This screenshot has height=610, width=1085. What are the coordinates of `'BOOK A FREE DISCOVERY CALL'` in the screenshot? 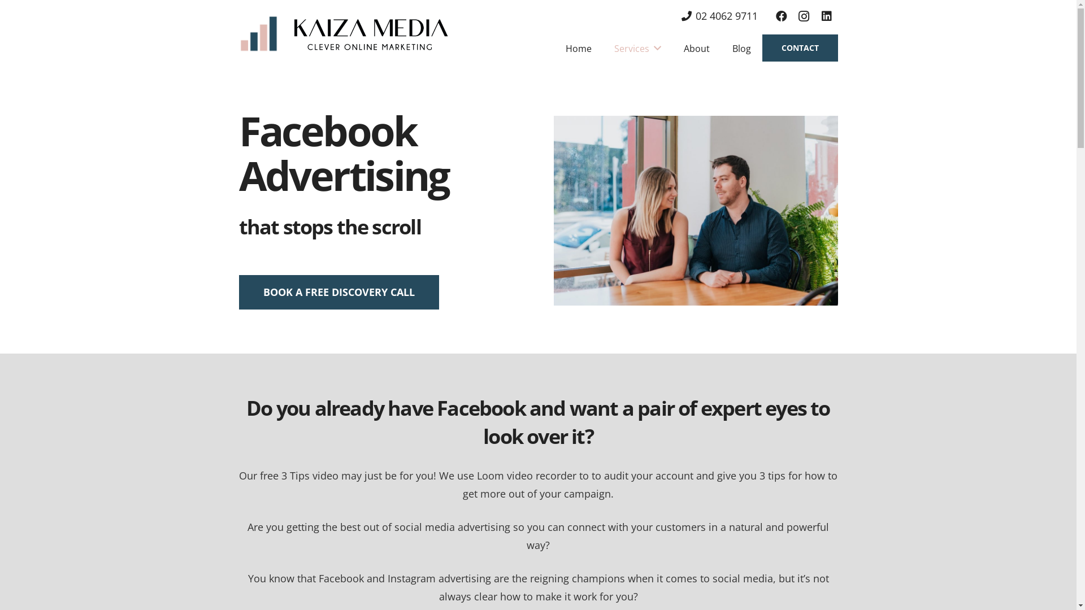 It's located at (338, 291).